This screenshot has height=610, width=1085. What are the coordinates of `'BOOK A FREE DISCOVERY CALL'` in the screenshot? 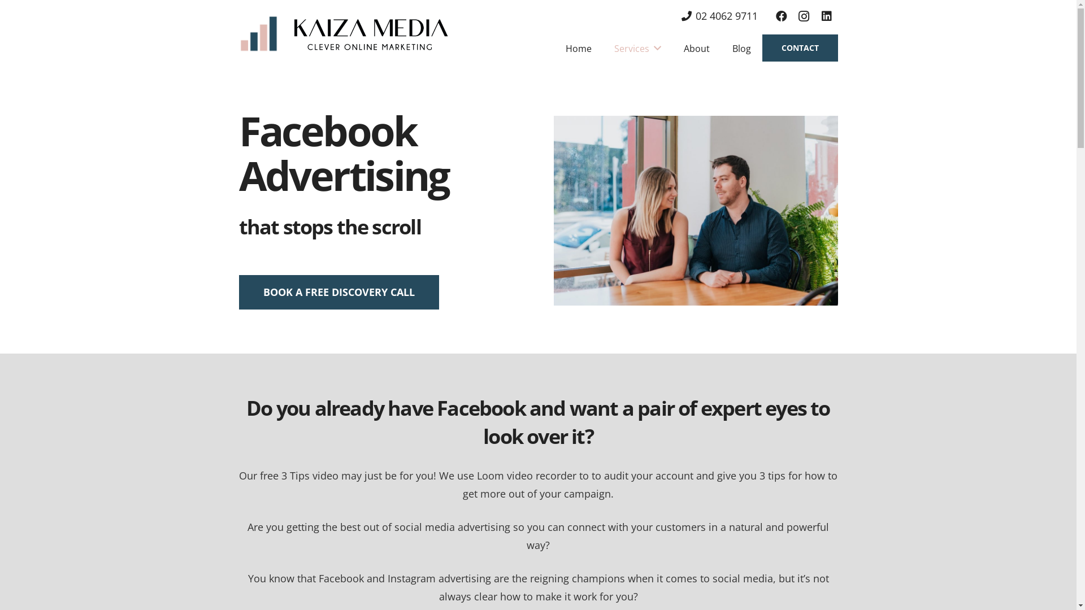 It's located at (338, 291).